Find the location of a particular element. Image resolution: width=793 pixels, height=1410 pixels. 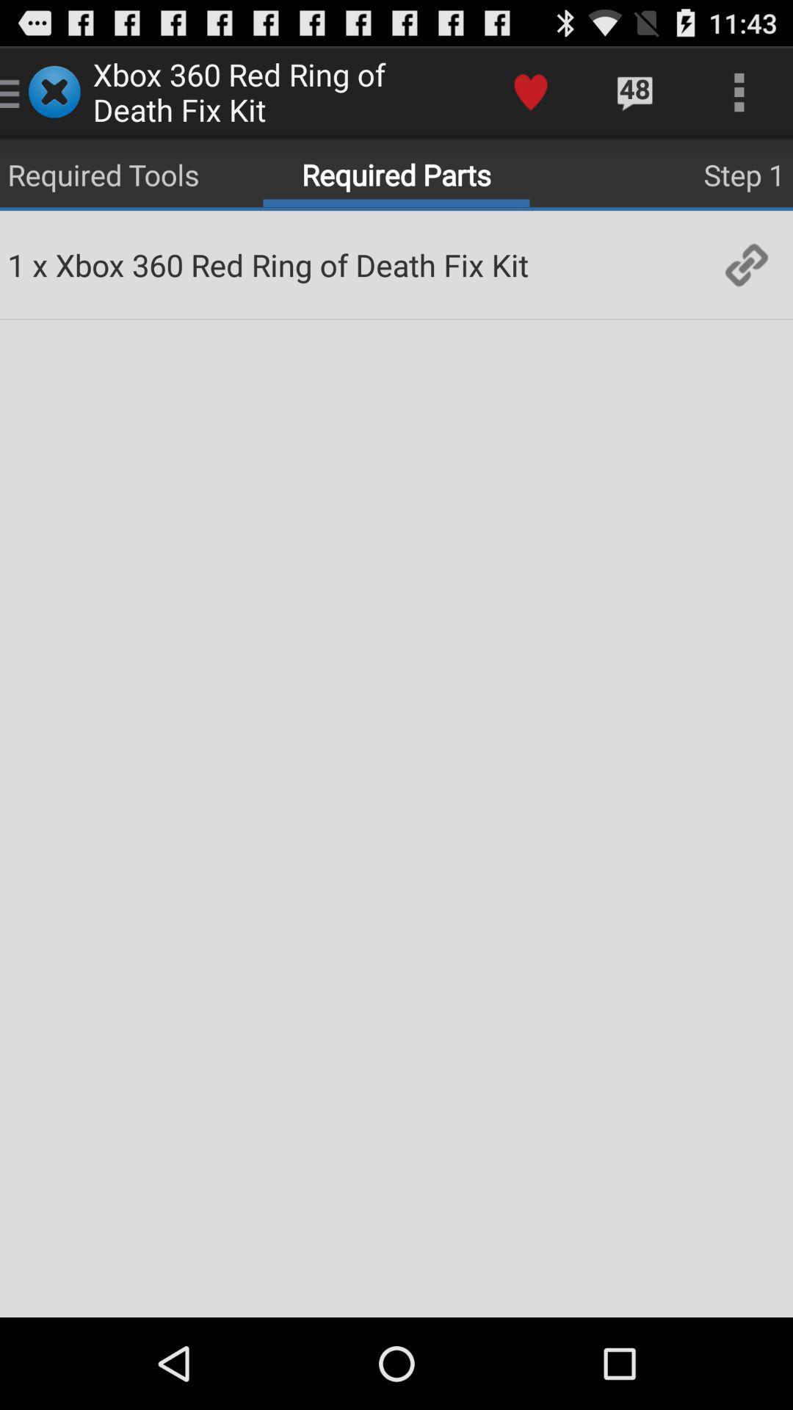

the item next to x app is located at coordinates (16, 264).